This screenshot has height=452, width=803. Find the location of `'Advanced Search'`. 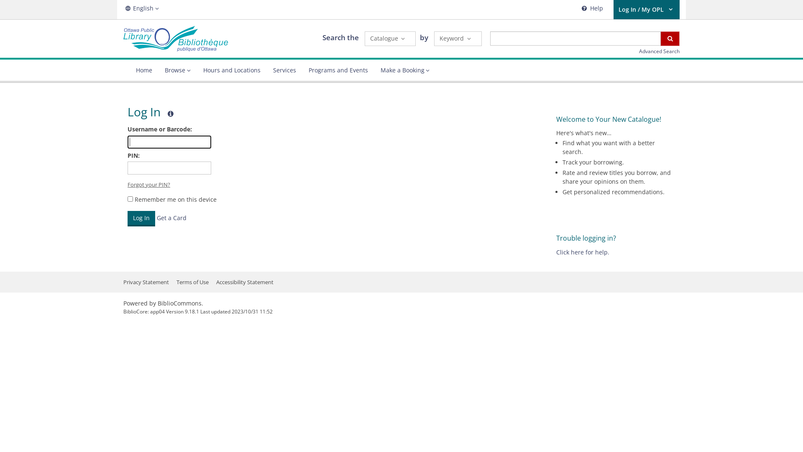

'Advanced Search' is located at coordinates (638, 51).